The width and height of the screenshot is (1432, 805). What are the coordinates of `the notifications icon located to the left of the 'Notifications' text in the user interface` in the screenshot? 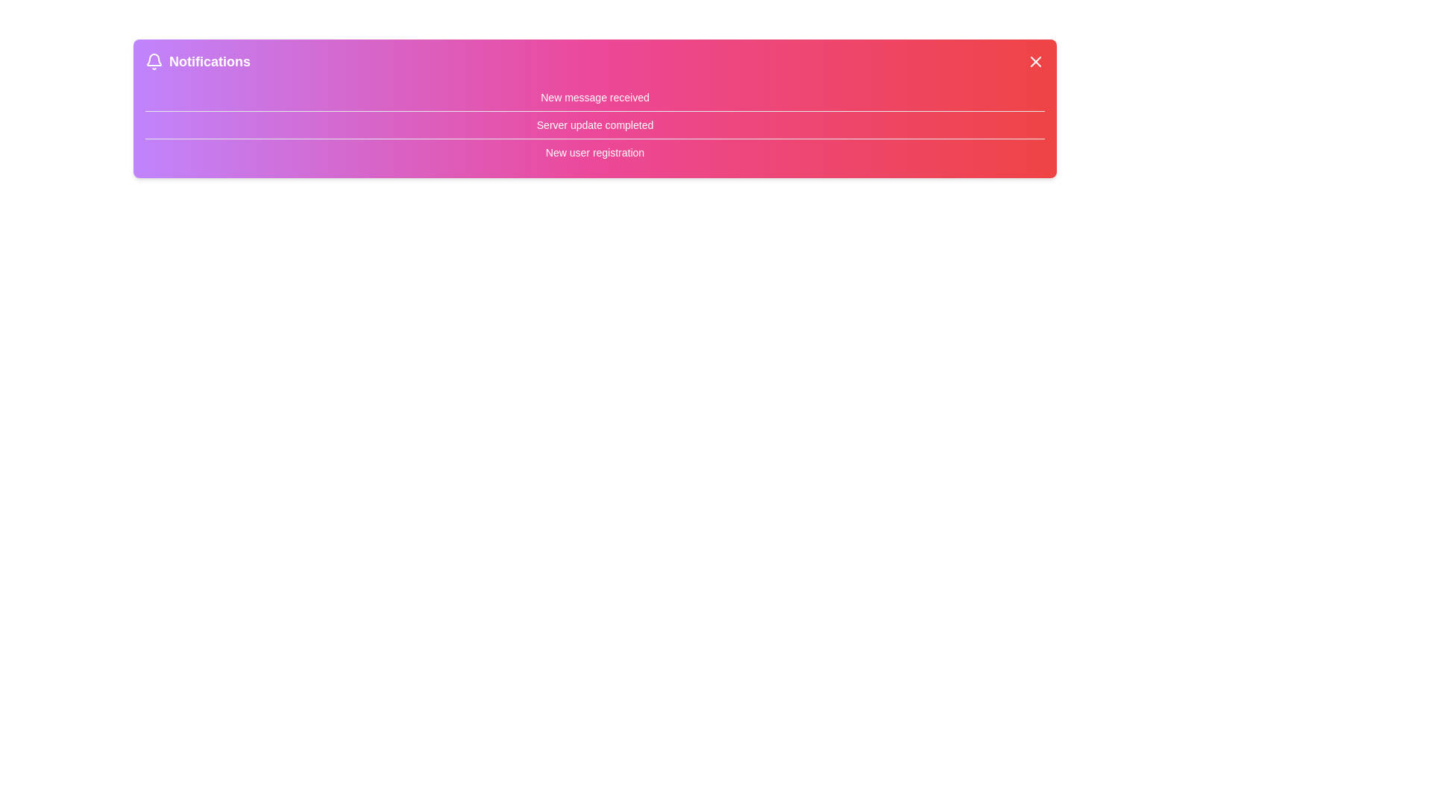 It's located at (154, 61).